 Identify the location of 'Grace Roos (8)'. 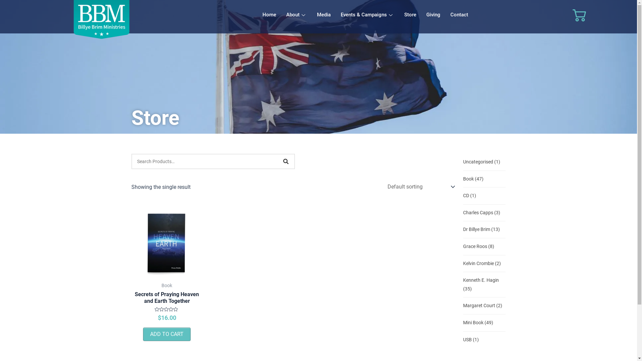
(478, 246).